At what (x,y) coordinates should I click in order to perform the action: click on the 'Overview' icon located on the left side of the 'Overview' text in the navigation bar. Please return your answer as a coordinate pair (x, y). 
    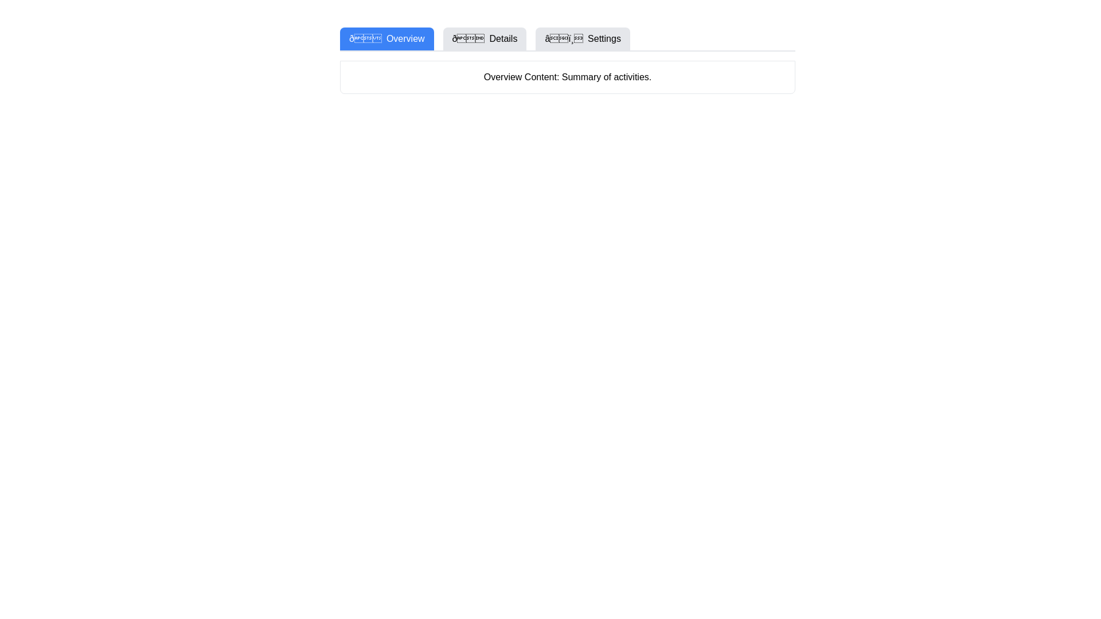
    Looking at the image, I should click on (365, 38).